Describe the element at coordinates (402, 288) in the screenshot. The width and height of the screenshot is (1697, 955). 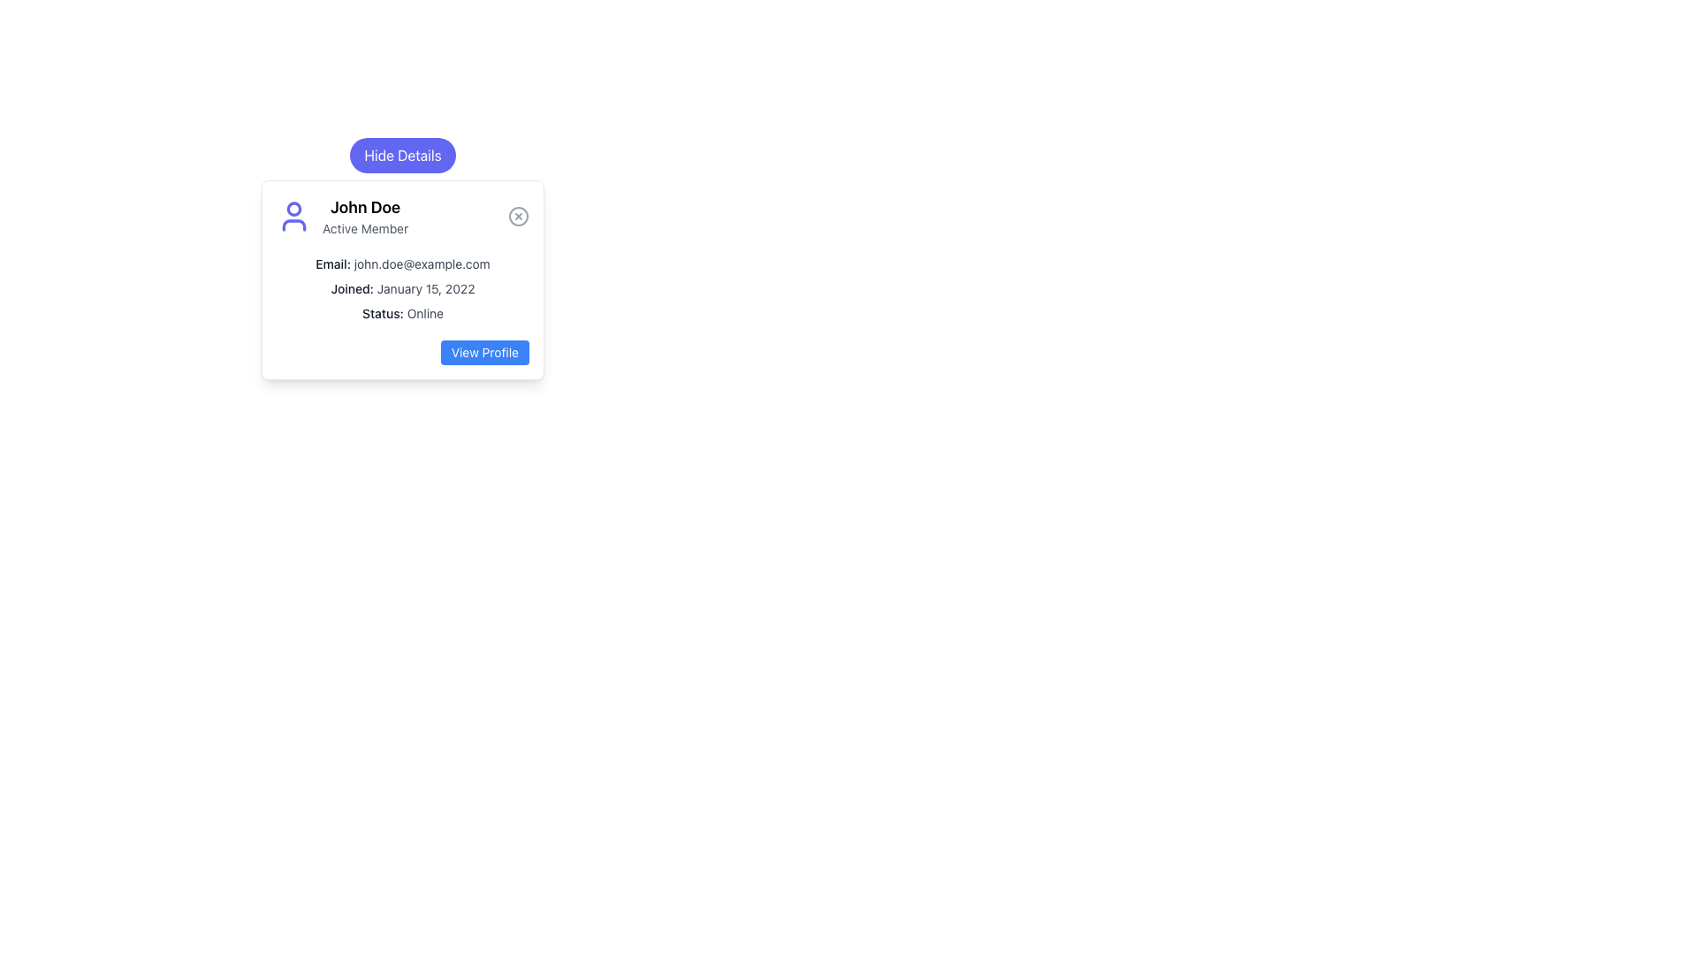
I see `the Text Label displaying 'Joined: January 15, 2022' located within the user profile card, positioned under 'Email' and above 'Status'` at that location.